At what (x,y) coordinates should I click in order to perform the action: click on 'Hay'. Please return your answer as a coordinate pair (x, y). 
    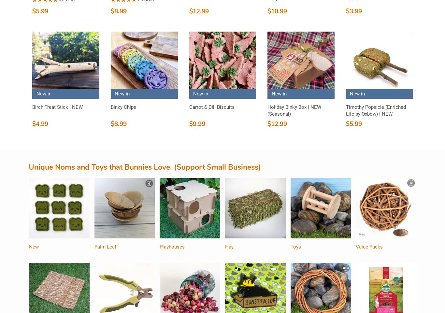
    Looking at the image, I should click on (229, 247).